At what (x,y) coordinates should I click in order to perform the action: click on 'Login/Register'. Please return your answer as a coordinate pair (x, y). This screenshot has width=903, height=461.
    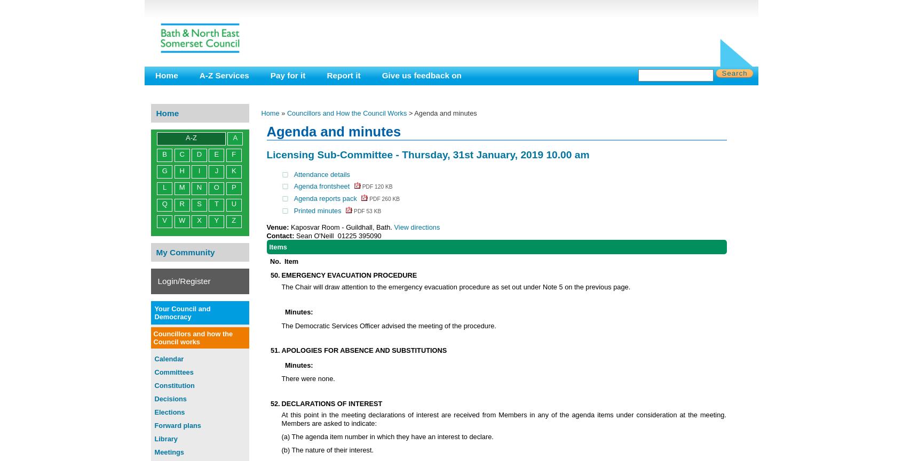
    Looking at the image, I should click on (156, 280).